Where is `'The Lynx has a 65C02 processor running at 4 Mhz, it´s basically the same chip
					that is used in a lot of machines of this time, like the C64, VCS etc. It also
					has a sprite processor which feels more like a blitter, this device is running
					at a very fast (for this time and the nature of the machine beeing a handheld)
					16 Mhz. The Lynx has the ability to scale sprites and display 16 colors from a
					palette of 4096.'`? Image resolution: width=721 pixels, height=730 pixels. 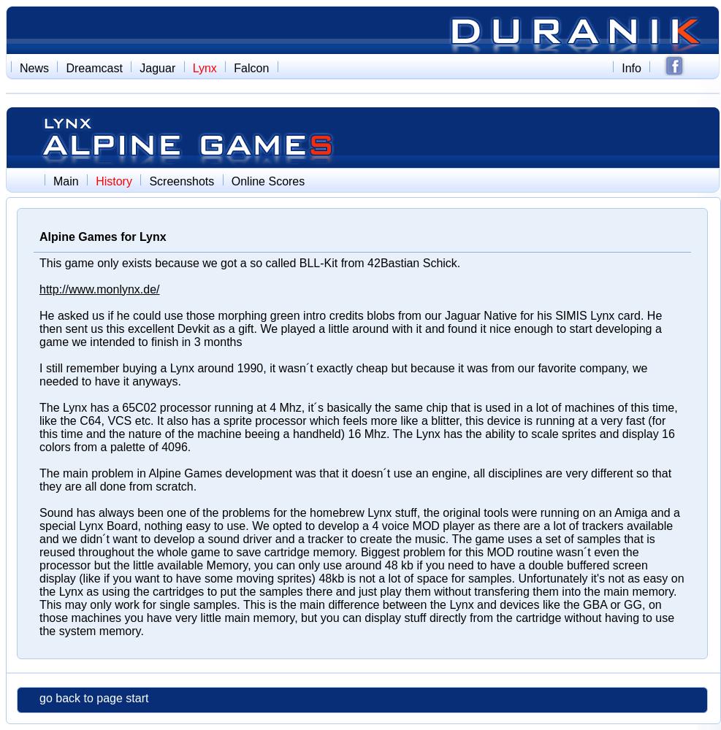
'The Lynx has a 65C02 processor running at 4 Mhz, it´s basically the same chip
					that is used in a lot of machines of this time, like the C64, VCS etc. It also
					has a sprite processor which feels more like a blitter, this device is running
					at a very fast (for this time and the nature of the machine beeing a handheld)
					16 Mhz. The Lynx has the ability to scale sprites and display 16 colors from a
					palette of 4096.' is located at coordinates (357, 426).